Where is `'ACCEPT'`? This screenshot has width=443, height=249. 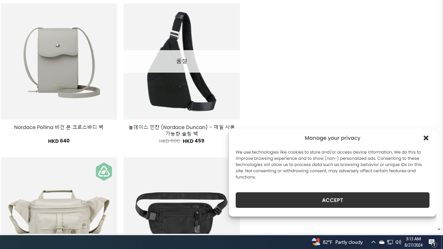
'ACCEPT' is located at coordinates (333, 200).